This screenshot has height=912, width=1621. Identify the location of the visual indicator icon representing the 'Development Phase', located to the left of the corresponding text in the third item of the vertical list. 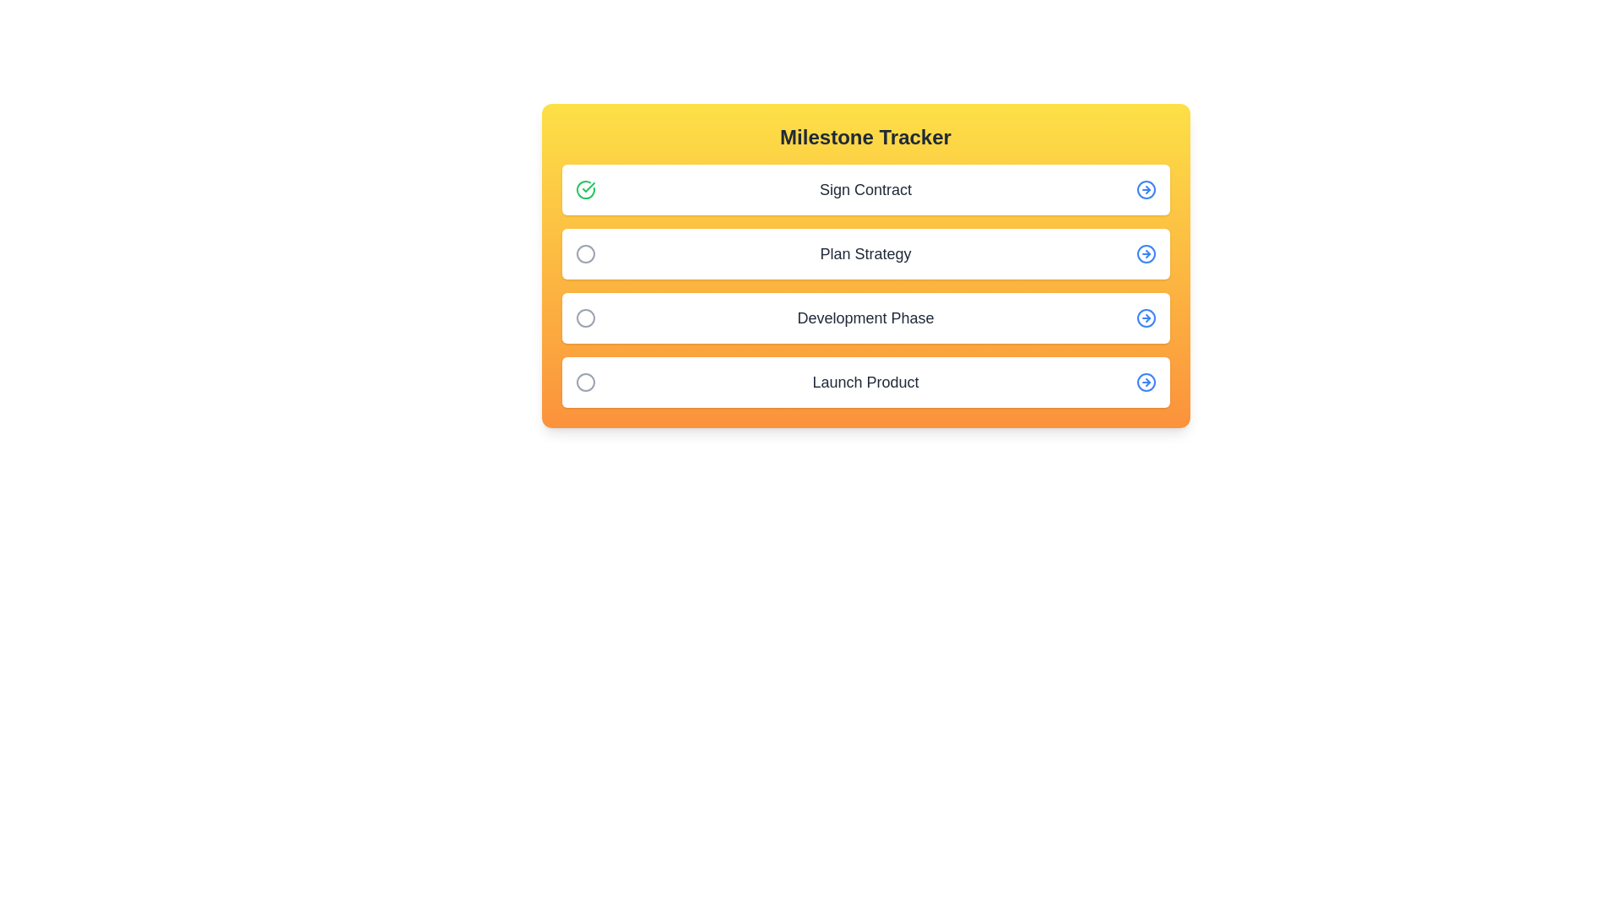
(585, 318).